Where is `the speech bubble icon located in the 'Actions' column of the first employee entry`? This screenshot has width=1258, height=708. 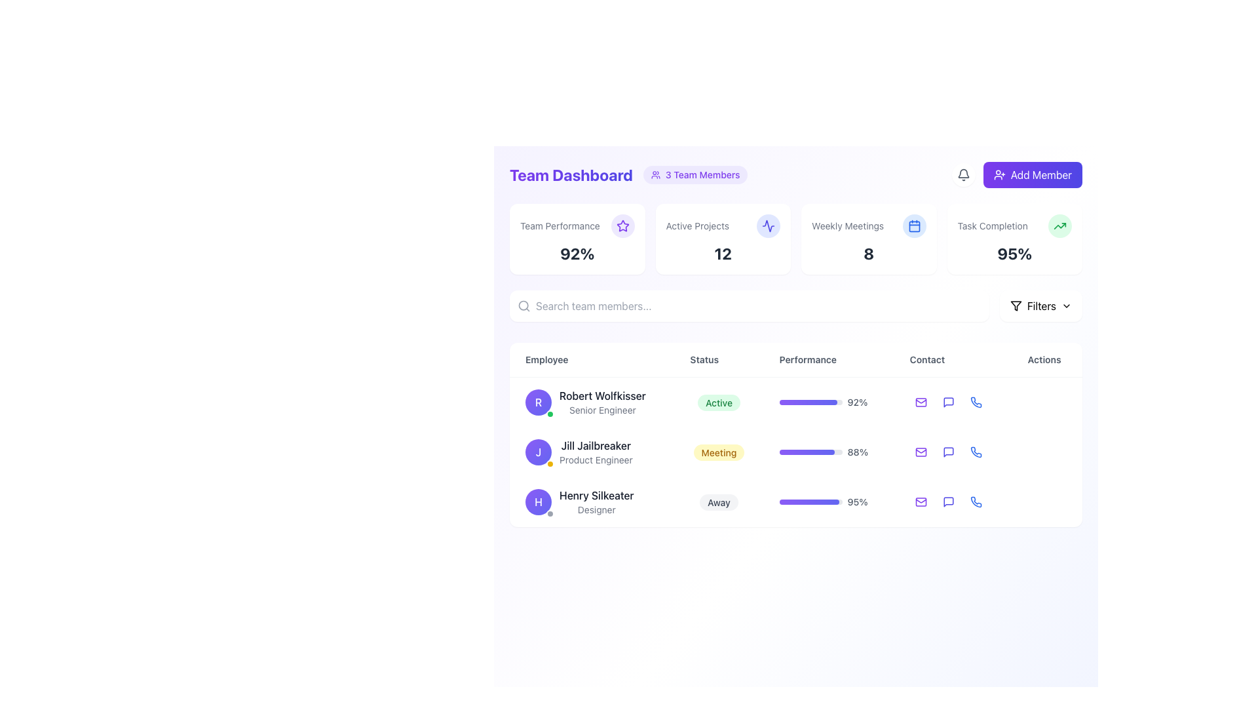
the speech bubble icon located in the 'Actions' column of the first employee entry is located at coordinates (948, 401).